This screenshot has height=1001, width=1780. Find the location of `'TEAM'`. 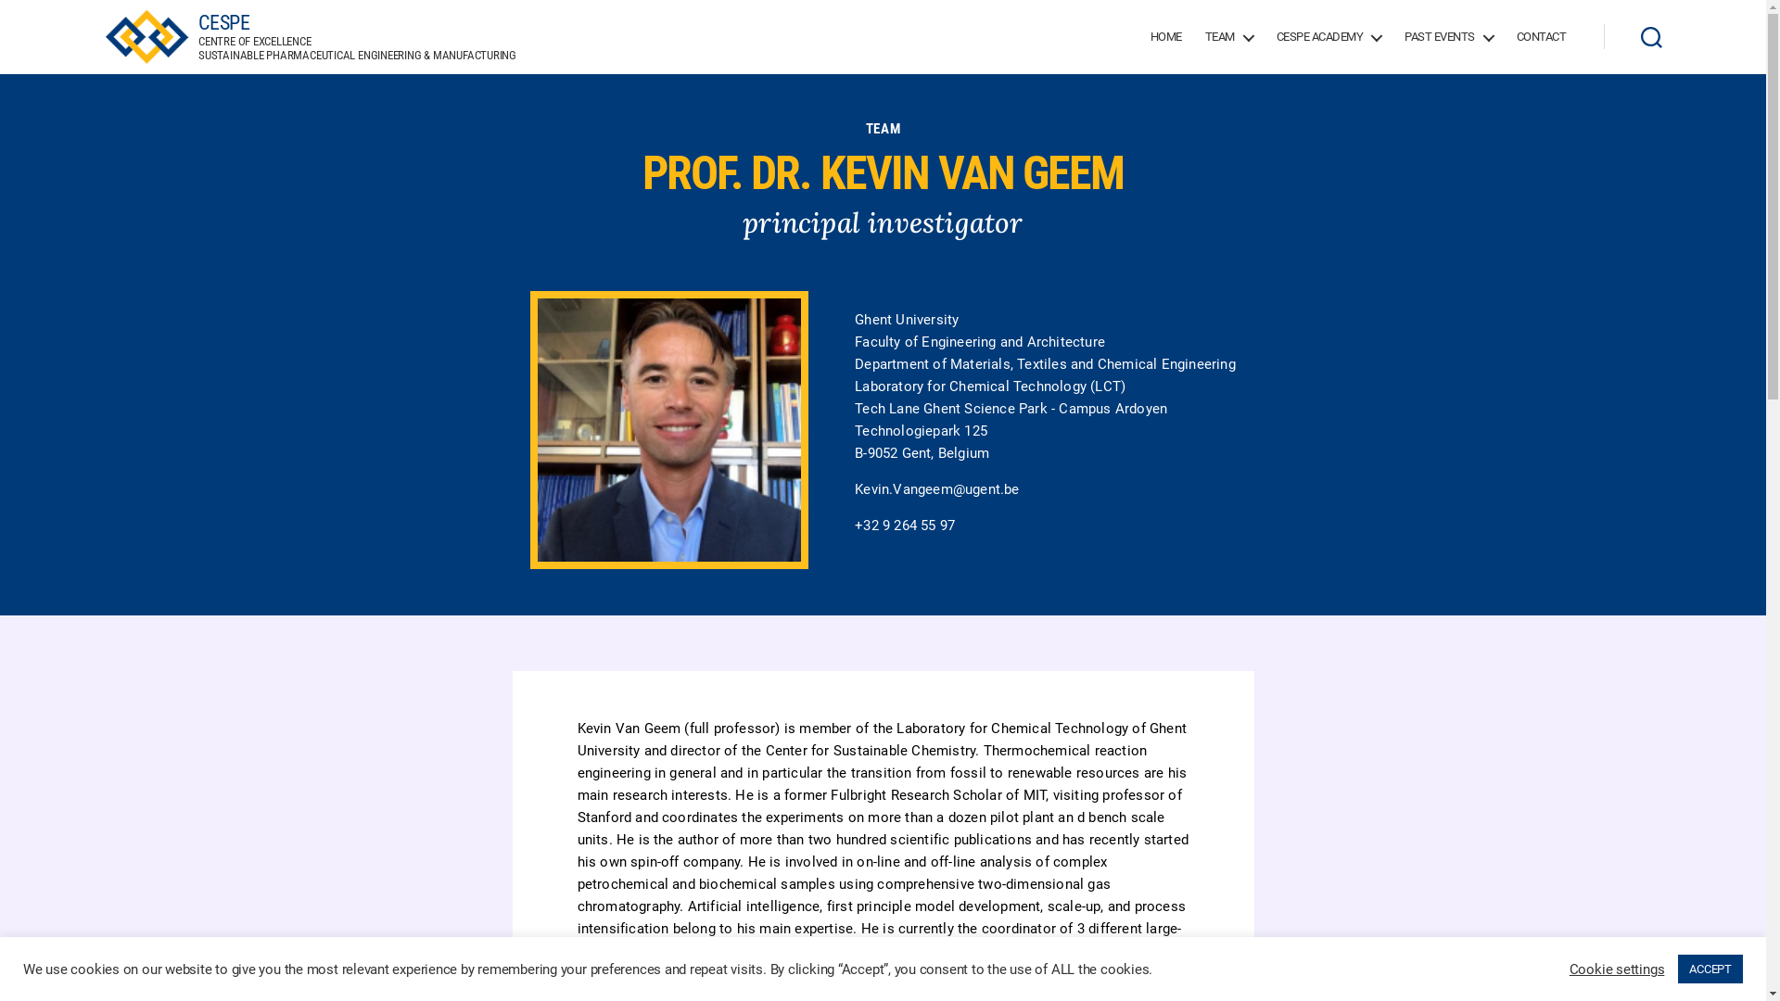

'TEAM' is located at coordinates (1228, 36).